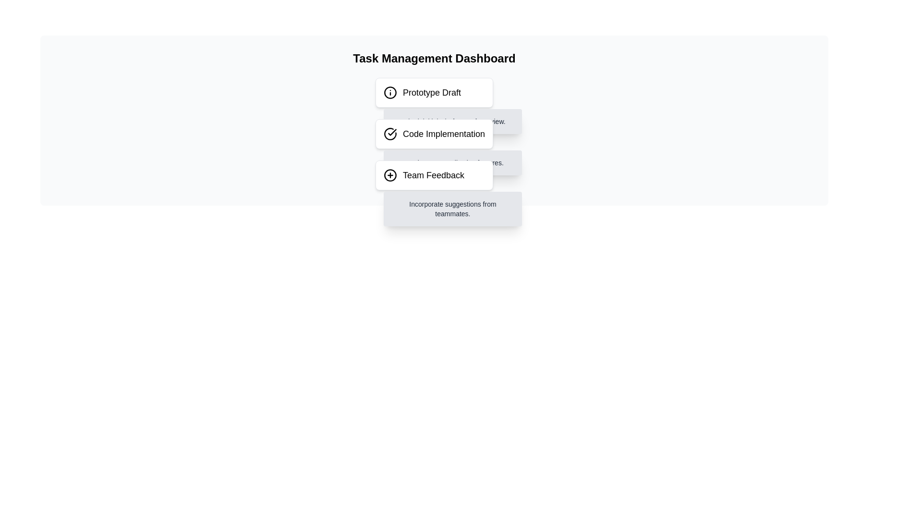 This screenshot has width=922, height=519. I want to click on the Header with icon displaying 'Prototype Draft' and an information icon for tooltip, so click(434, 92).